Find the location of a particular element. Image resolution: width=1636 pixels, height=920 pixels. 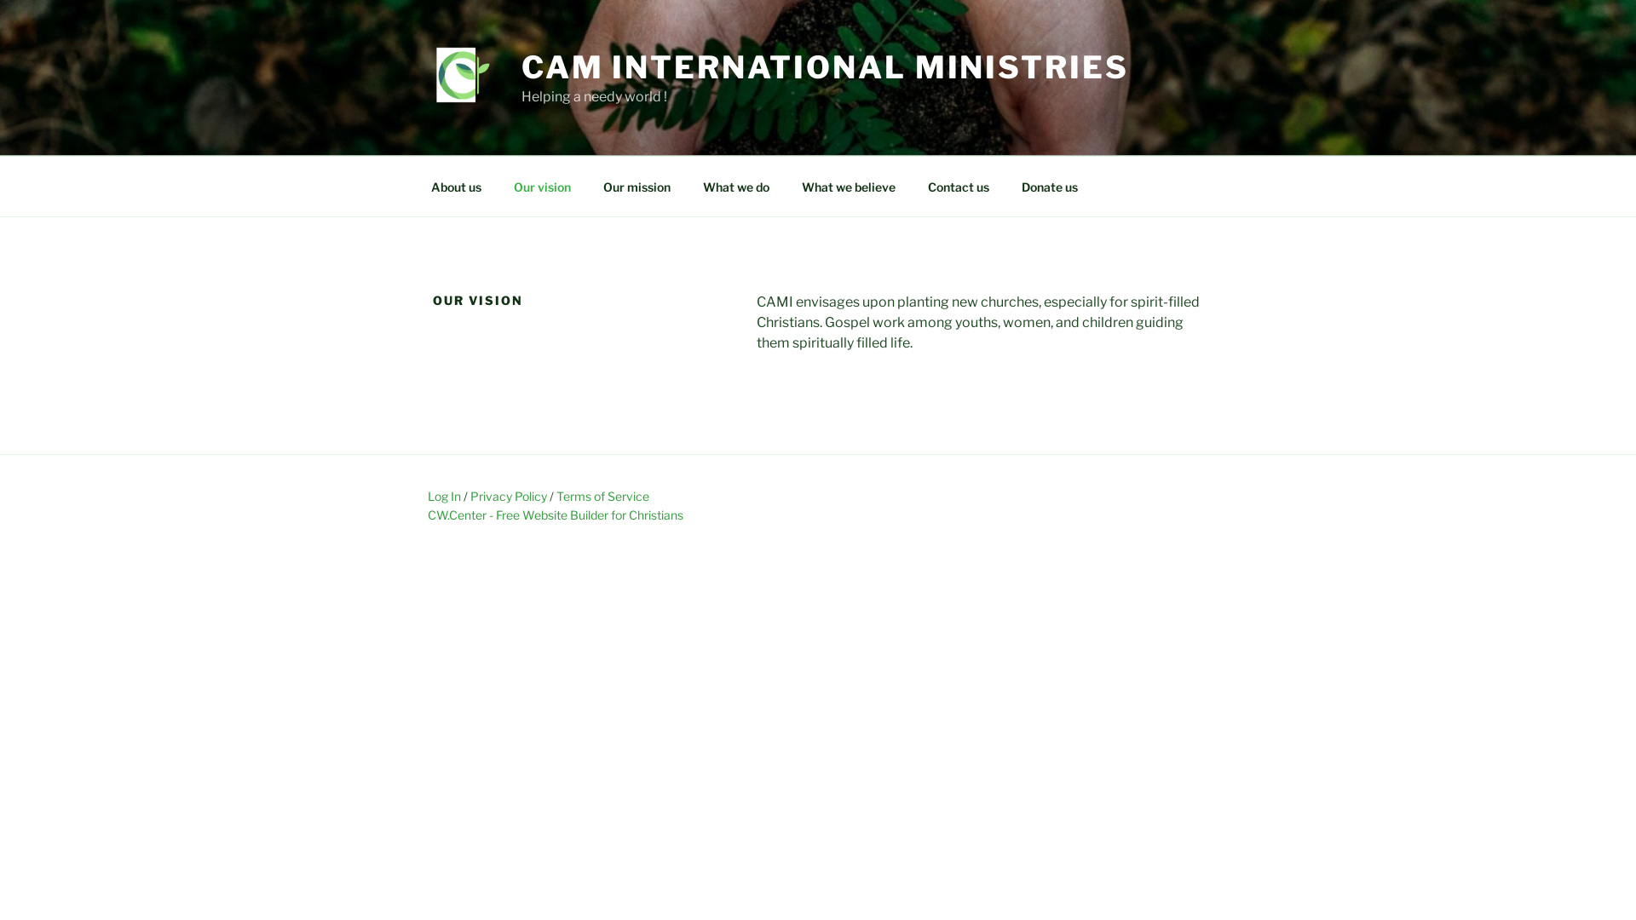

'What we believe' is located at coordinates (848, 186).